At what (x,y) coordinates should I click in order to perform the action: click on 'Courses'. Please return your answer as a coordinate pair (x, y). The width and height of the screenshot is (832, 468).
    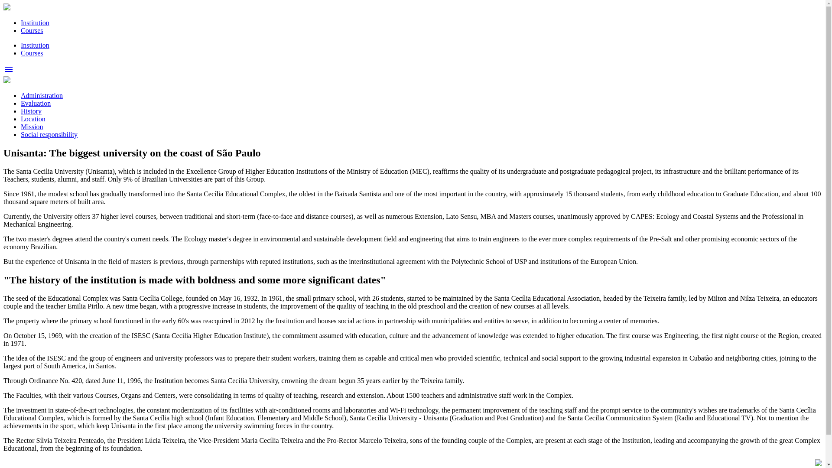
    Looking at the image, I should click on (21, 30).